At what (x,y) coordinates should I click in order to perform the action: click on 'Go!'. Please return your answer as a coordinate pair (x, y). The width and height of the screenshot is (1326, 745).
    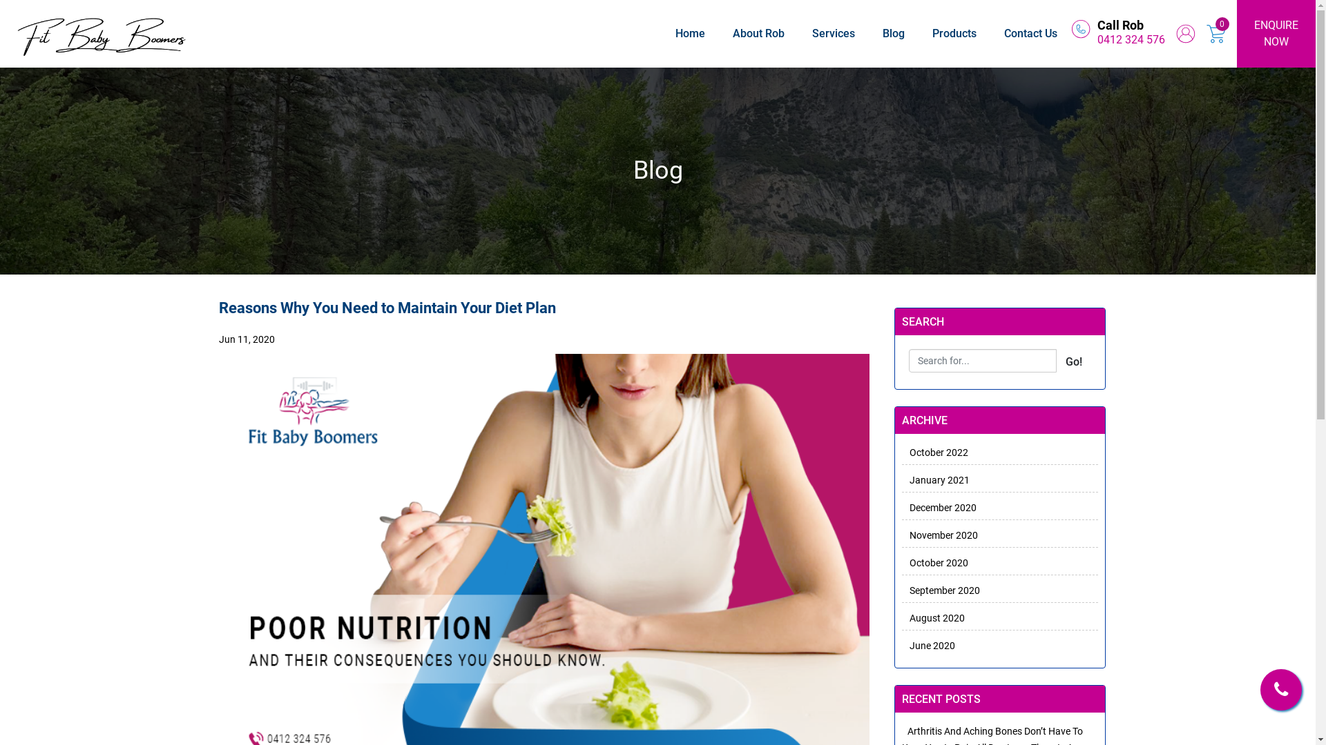
    Looking at the image, I should click on (1073, 361).